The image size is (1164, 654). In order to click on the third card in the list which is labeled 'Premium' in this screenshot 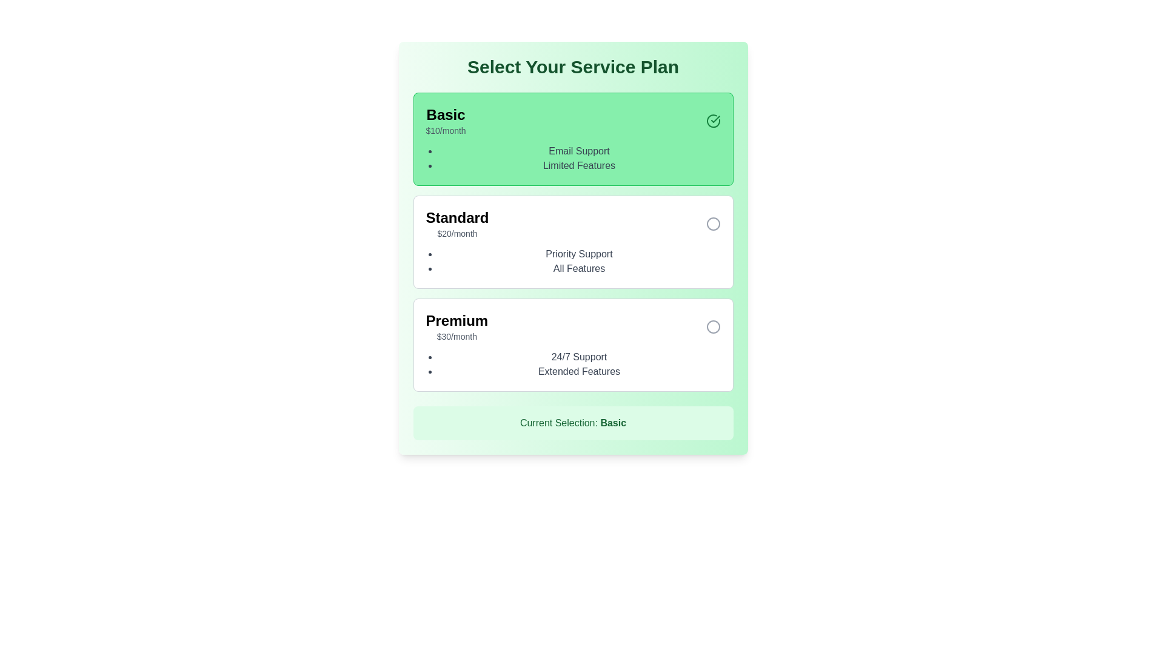, I will do `click(572, 345)`.